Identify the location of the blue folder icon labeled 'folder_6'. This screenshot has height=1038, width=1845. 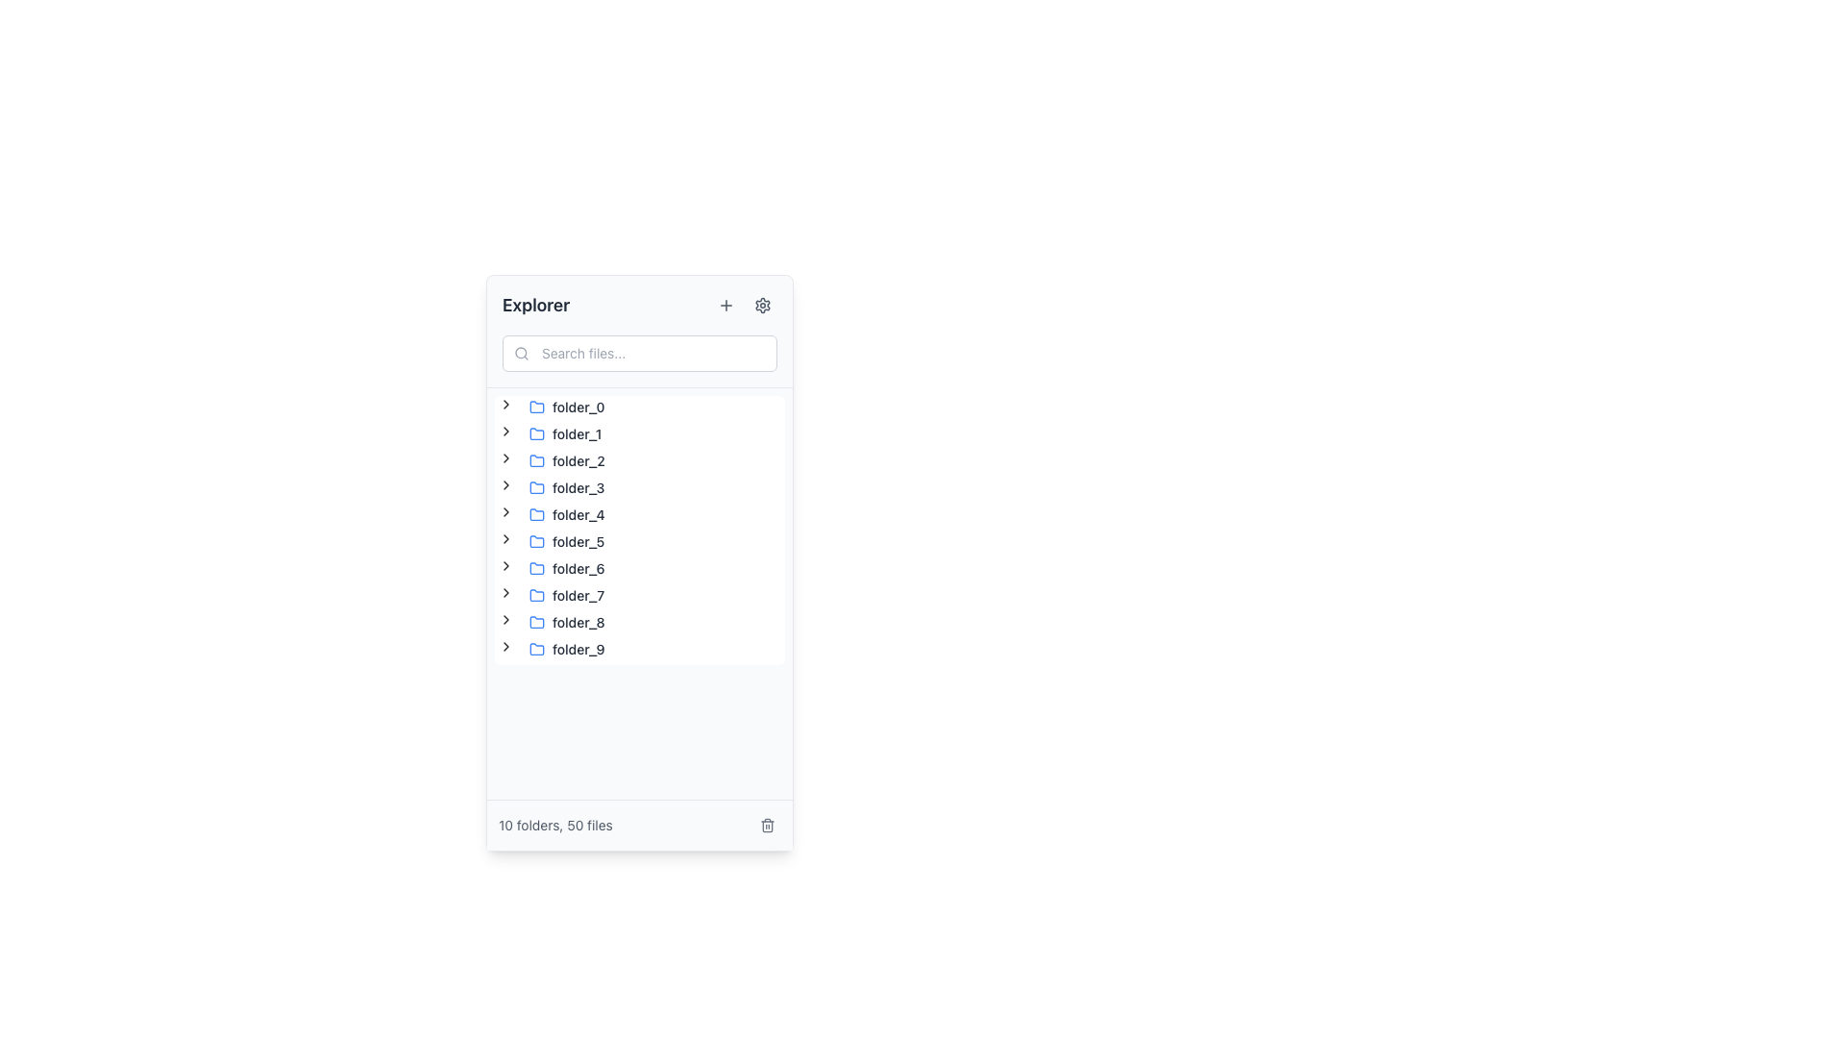
(536, 566).